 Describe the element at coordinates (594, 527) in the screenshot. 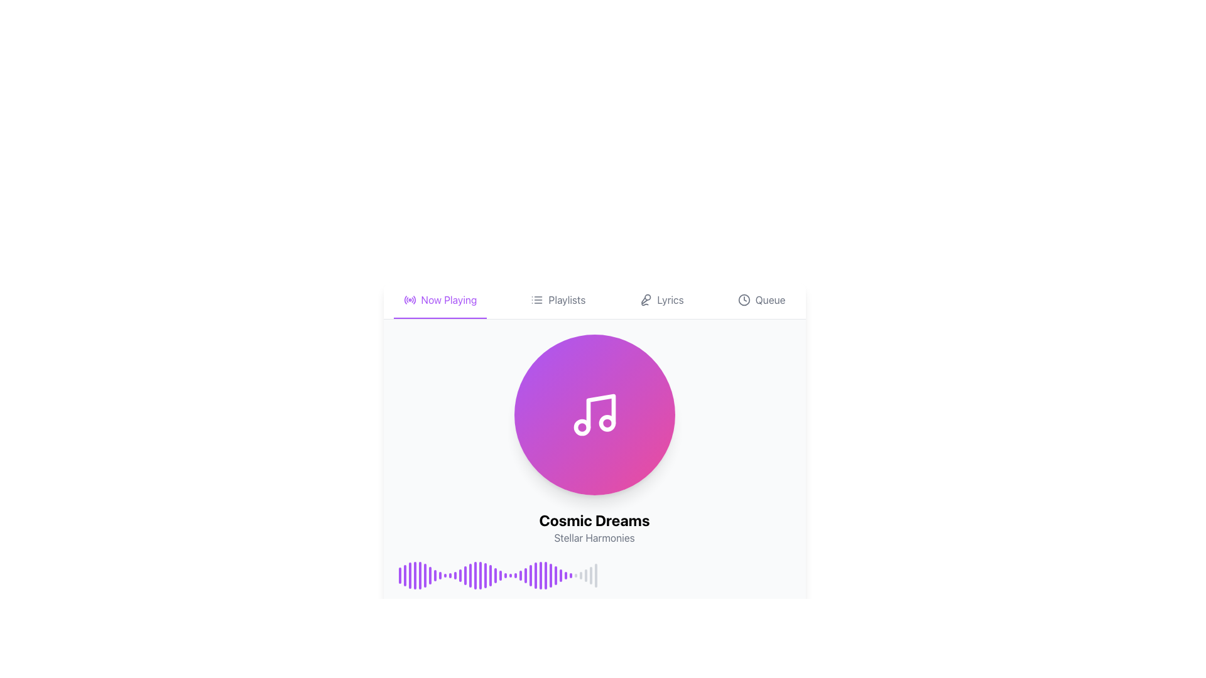

I see `the Text Display that shows the title and subtitle of the currently playing track, located below a musical note icon and above a soundwave representation` at that location.